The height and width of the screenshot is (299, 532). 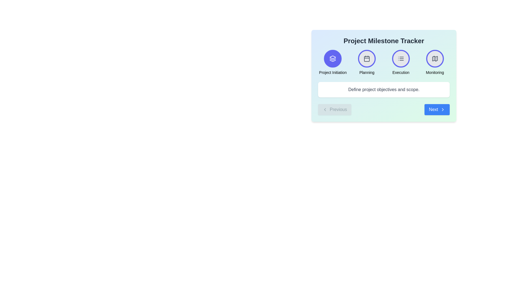 What do you see at coordinates (325, 110) in the screenshot?
I see `'Previous' navigation icon located at the bottom-left corner of the milestone tracker interface` at bounding box center [325, 110].